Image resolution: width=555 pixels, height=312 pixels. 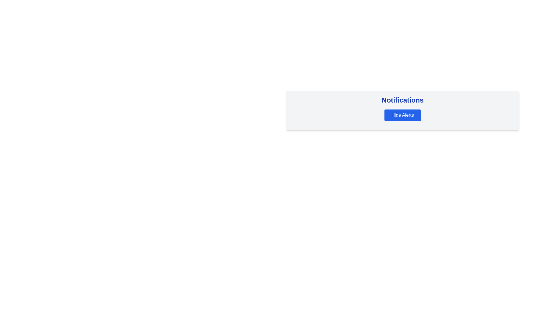 What do you see at coordinates (402, 115) in the screenshot?
I see `the 'Hide Alerts' button, which is a rectangular button with rounded corners, blue background, and white text` at bounding box center [402, 115].